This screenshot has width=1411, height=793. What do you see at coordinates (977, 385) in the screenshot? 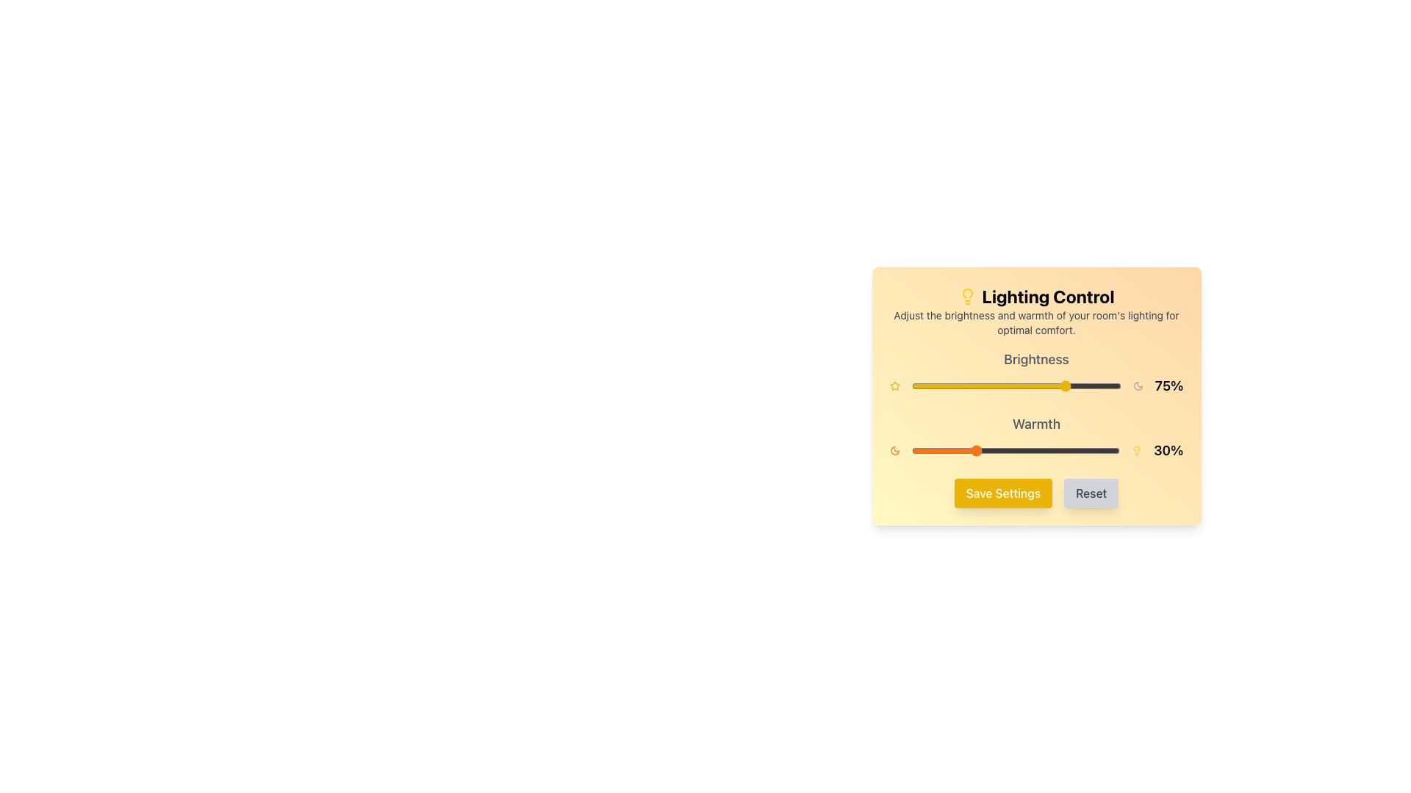
I see `brightness` at bounding box center [977, 385].